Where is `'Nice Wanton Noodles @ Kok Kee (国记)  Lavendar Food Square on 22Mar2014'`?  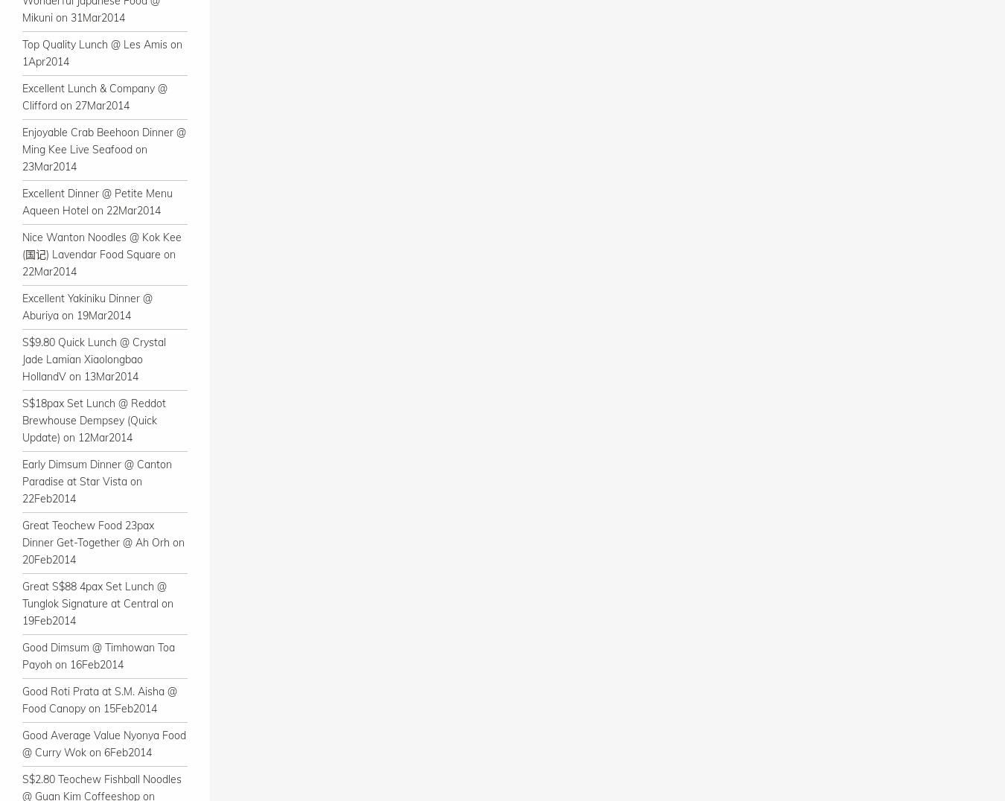
'Nice Wanton Noodles @ Kok Kee (国记)  Lavendar Food Square on 22Mar2014' is located at coordinates (102, 254).